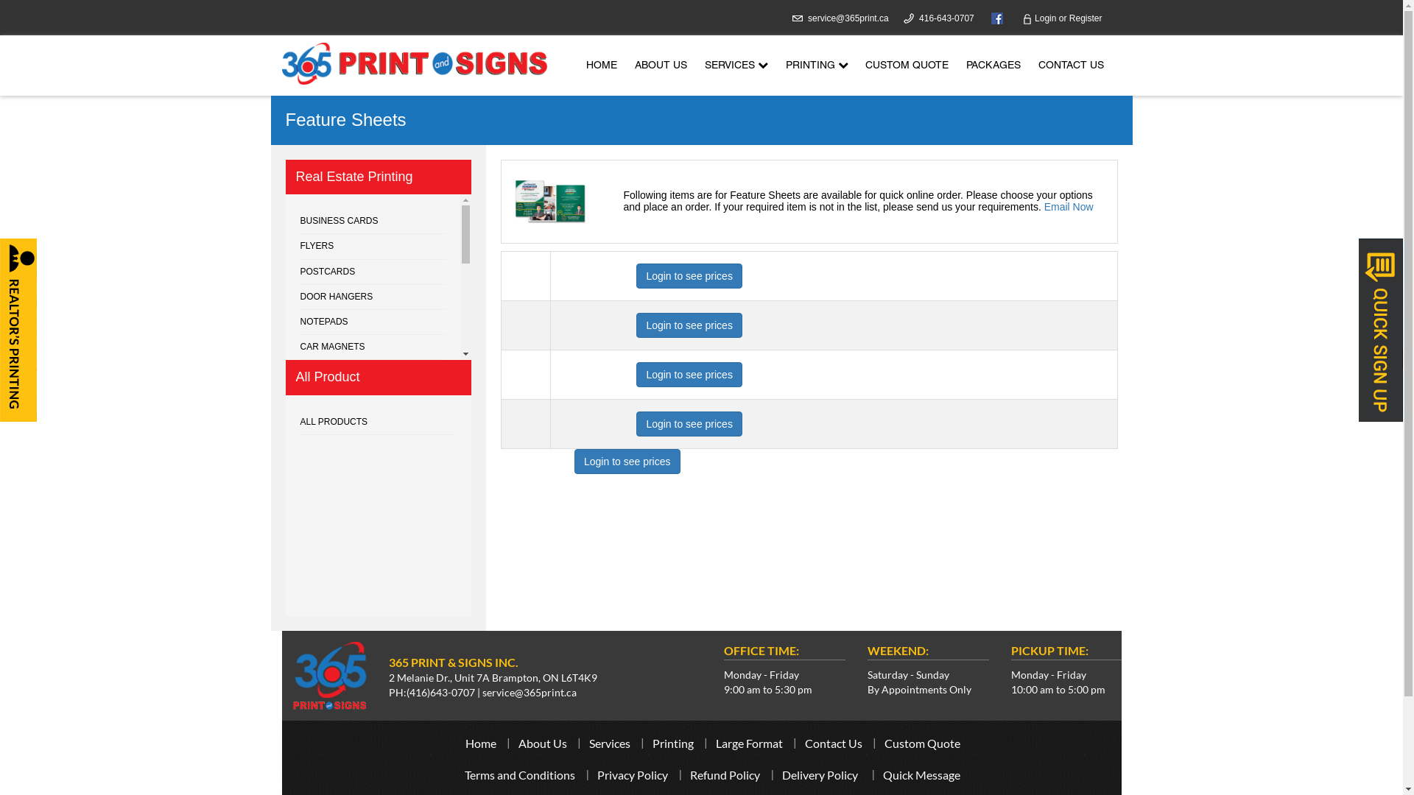  I want to click on 'Contact Us', so click(833, 743).